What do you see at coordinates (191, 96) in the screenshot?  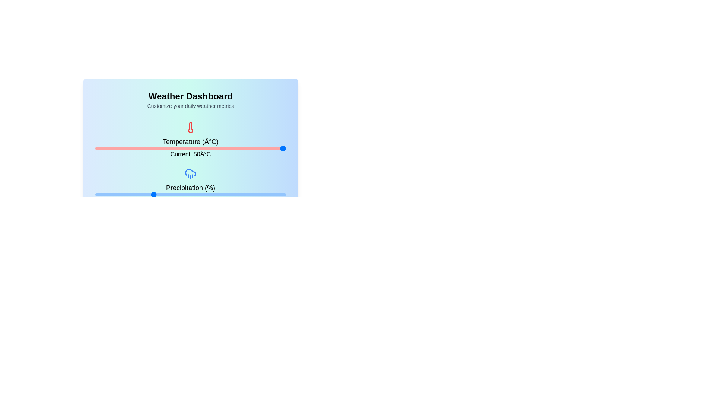 I see `the 'Weather Dashboard' header text element, which is large and bold` at bounding box center [191, 96].